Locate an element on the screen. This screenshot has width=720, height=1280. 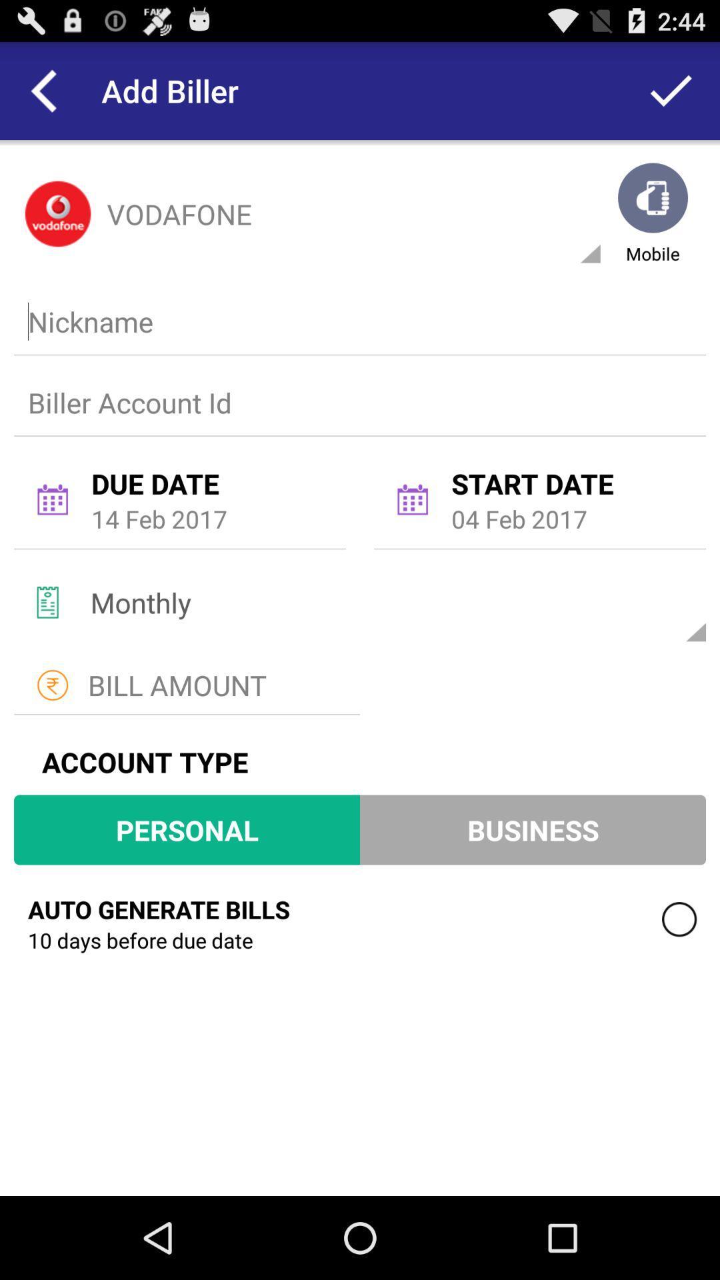
business item is located at coordinates (532, 829).